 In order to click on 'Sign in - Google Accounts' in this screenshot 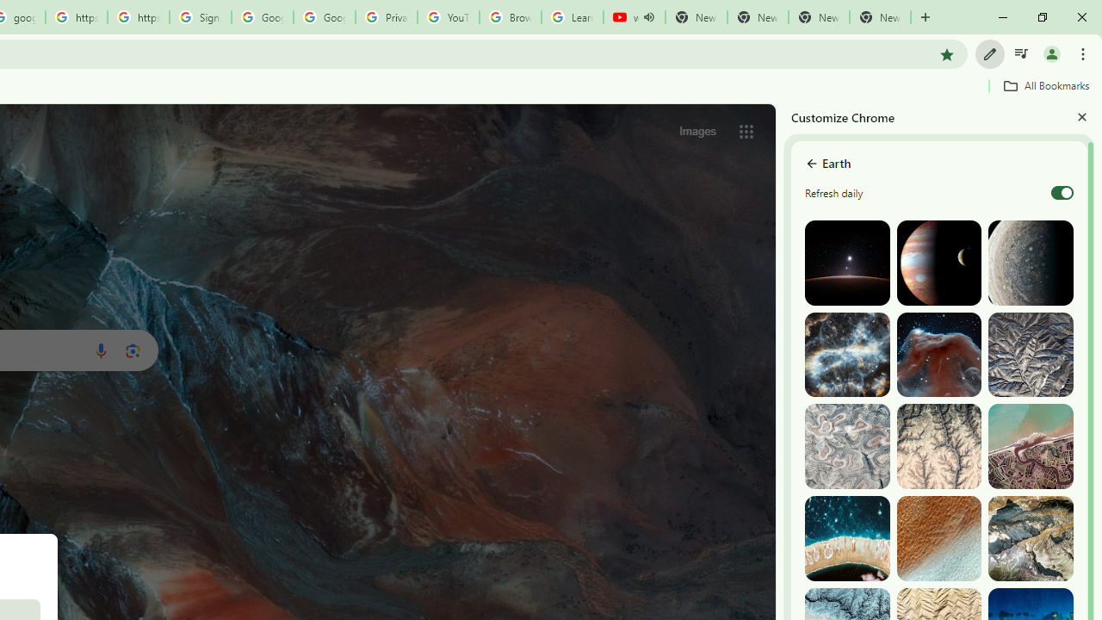, I will do `click(200, 17)`.